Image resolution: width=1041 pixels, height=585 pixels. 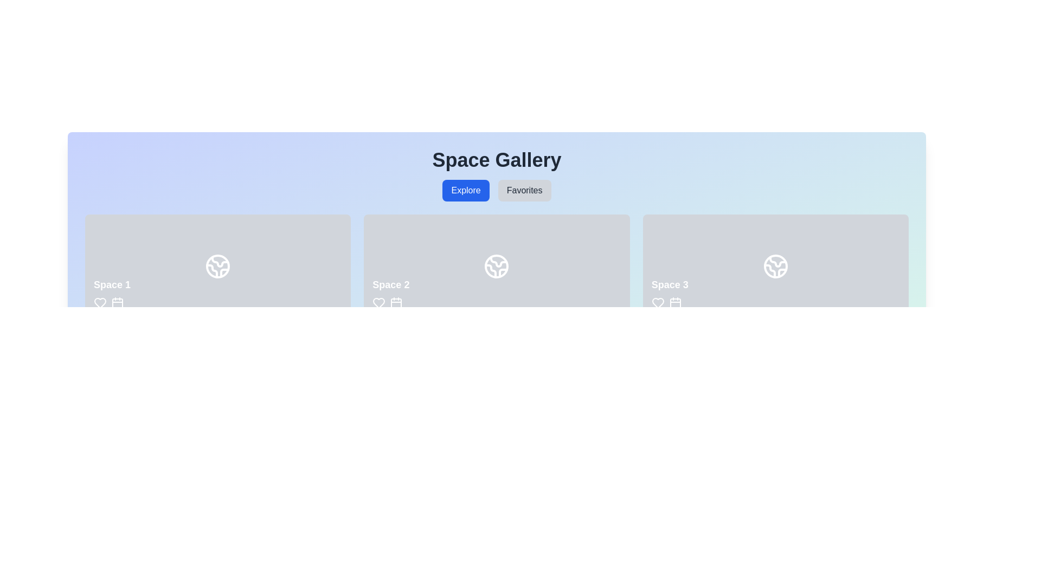 What do you see at coordinates (674, 303) in the screenshot?
I see `the calendar icon, which is the second icon from the right in a horizontal layout, to interact with the calendar or scheduling tool` at bounding box center [674, 303].